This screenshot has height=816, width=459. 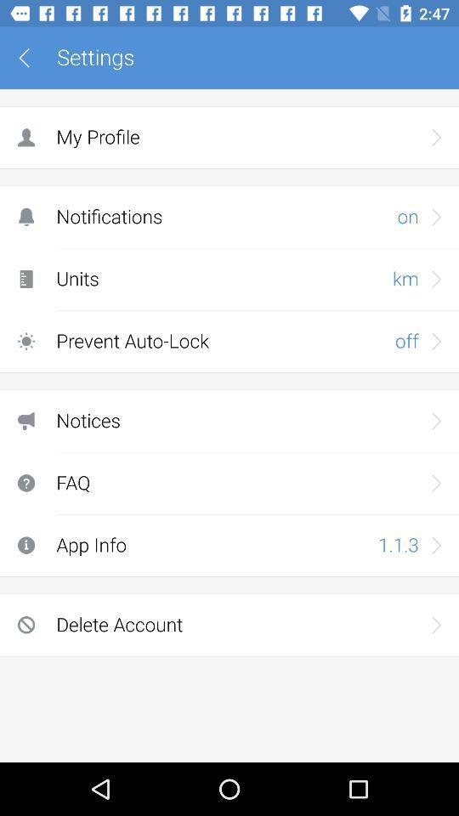 What do you see at coordinates (30, 58) in the screenshot?
I see `press to go back to previous menu` at bounding box center [30, 58].